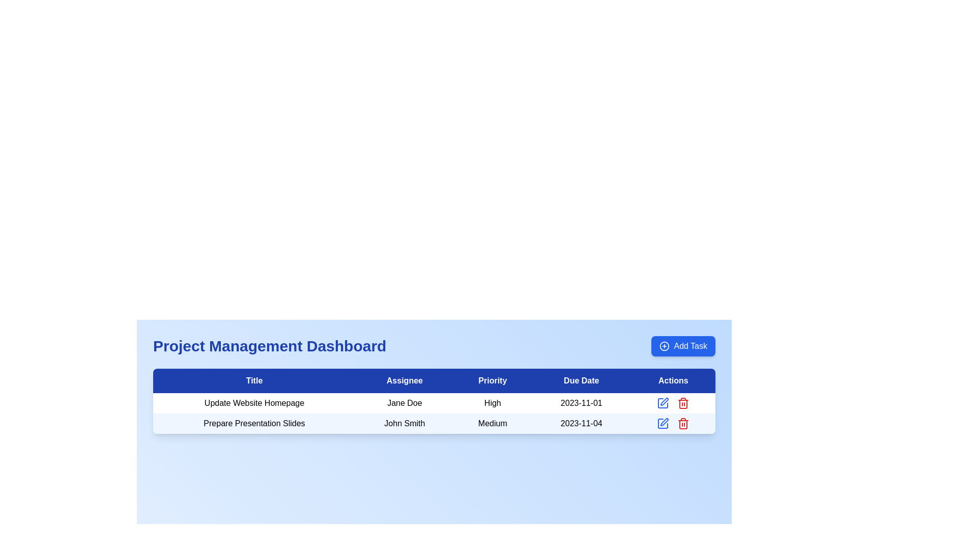  I want to click on the static text label 'Title' which is the leftmost item in the header row of the table, prominently displayed in white against a dark blue background, so click(254, 381).